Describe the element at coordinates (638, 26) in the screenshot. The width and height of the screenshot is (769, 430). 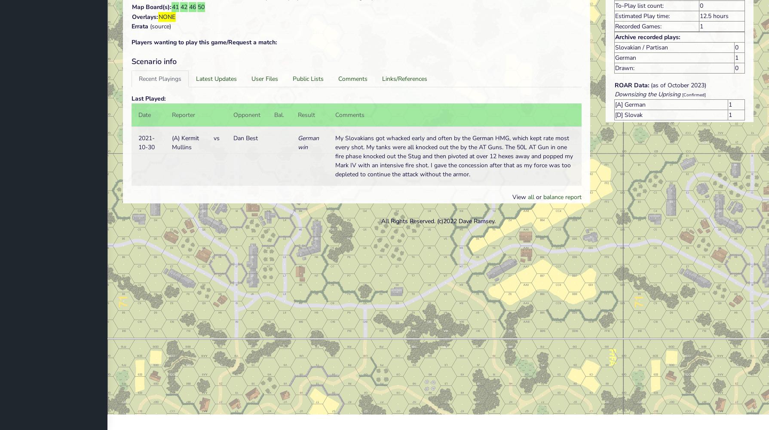
I see `'Recorded Games:'` at that location.